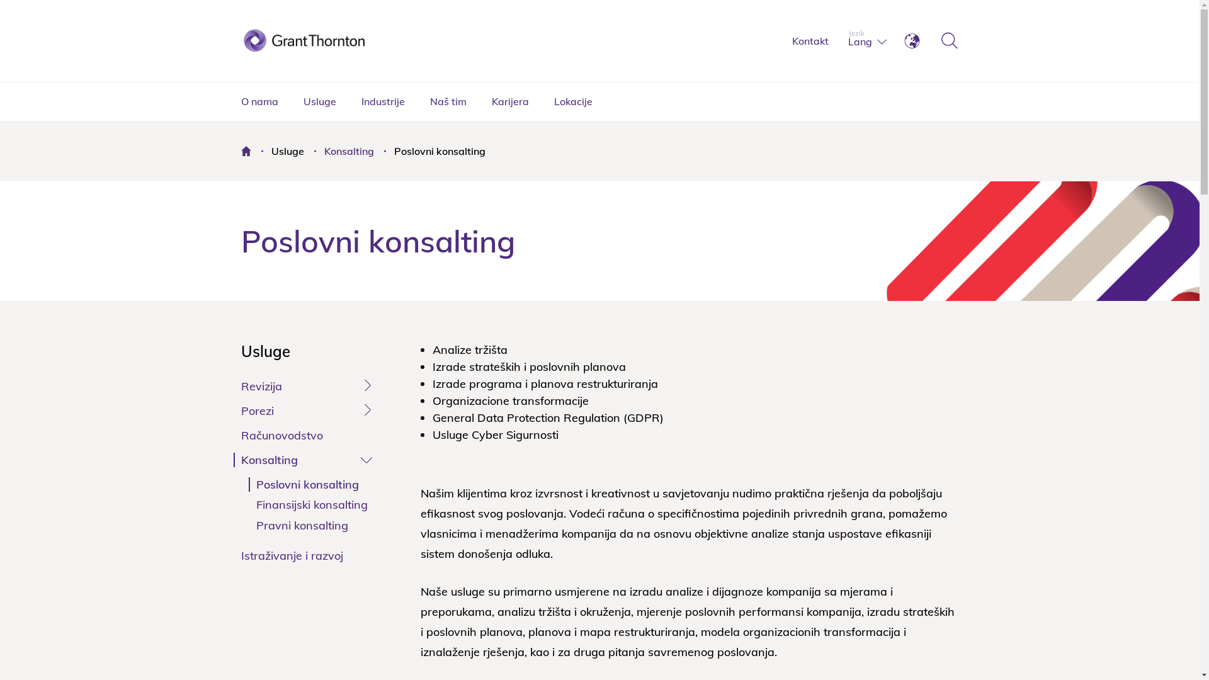 The image size is (1209, 680). I want to click on 'Karijera', so click(509, 101).